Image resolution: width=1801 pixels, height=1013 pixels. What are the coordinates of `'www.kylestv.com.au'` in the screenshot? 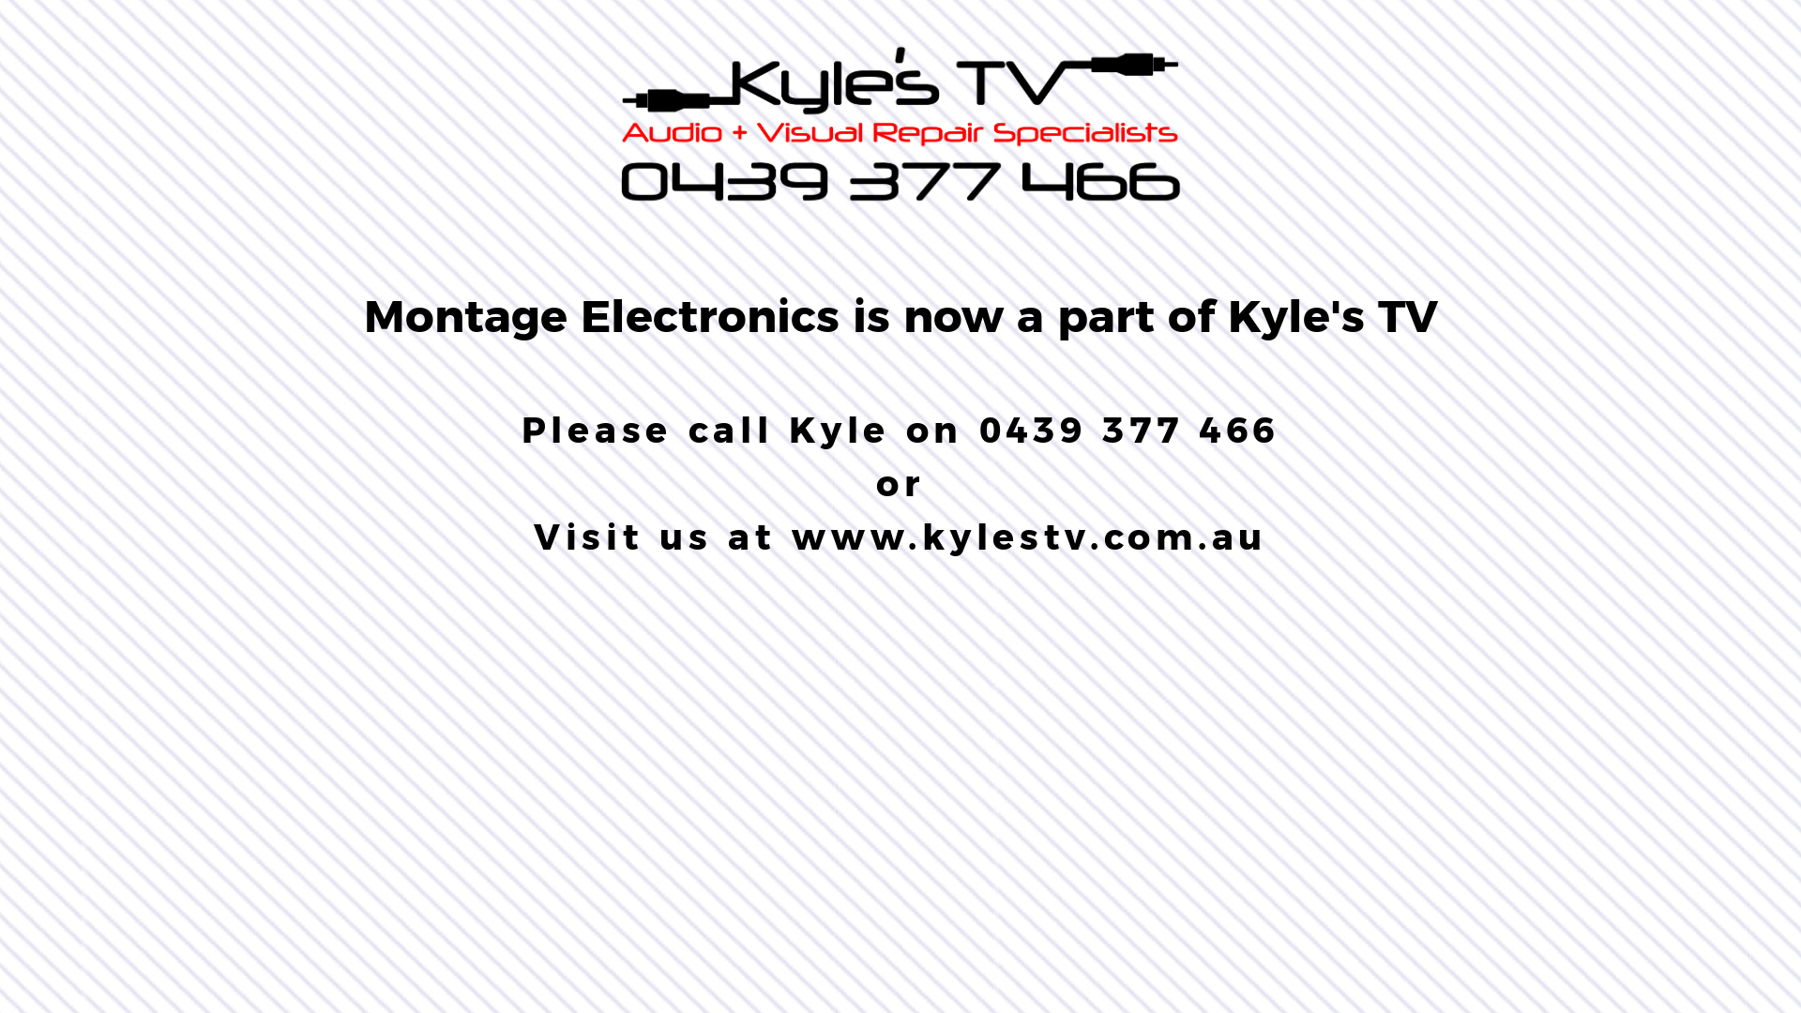 It's located at (1028, 537).